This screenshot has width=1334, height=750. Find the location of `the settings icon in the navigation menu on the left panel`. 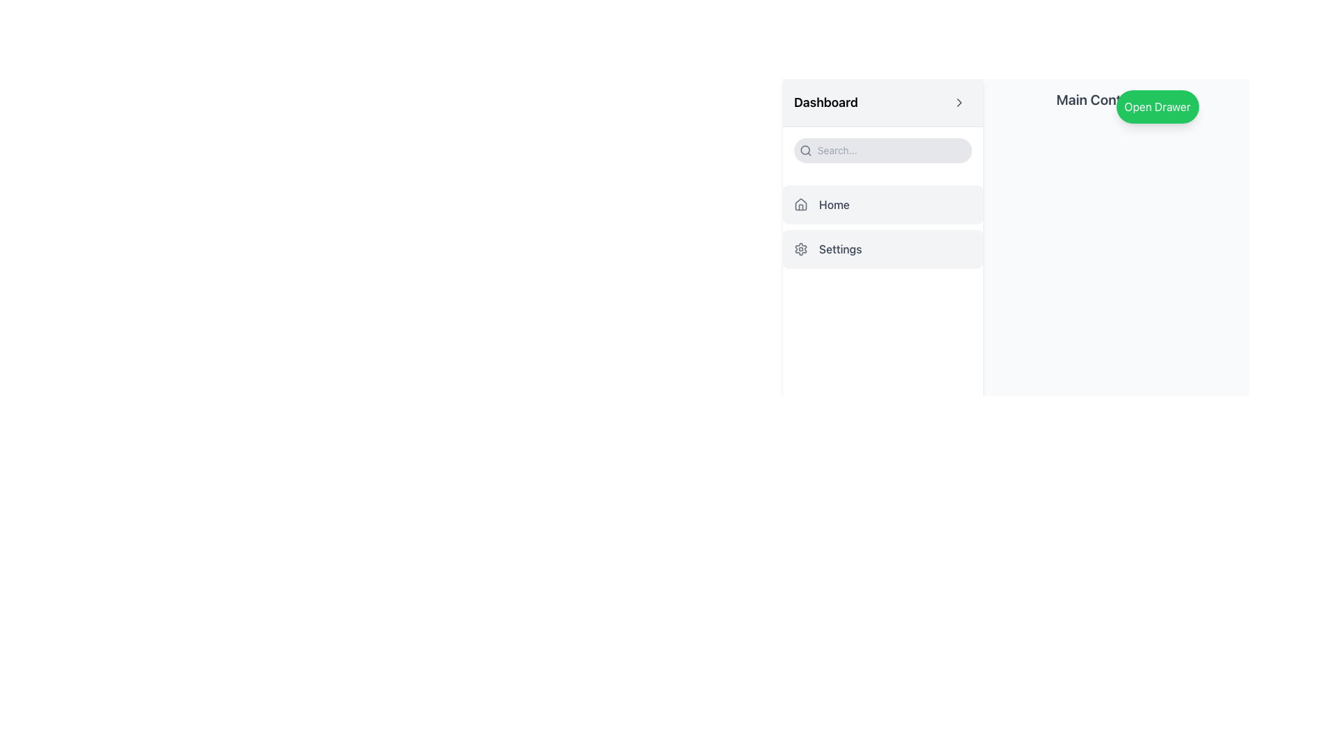

the settings icon in the navigation menu on the left panel is located at coordinates (800, 248).